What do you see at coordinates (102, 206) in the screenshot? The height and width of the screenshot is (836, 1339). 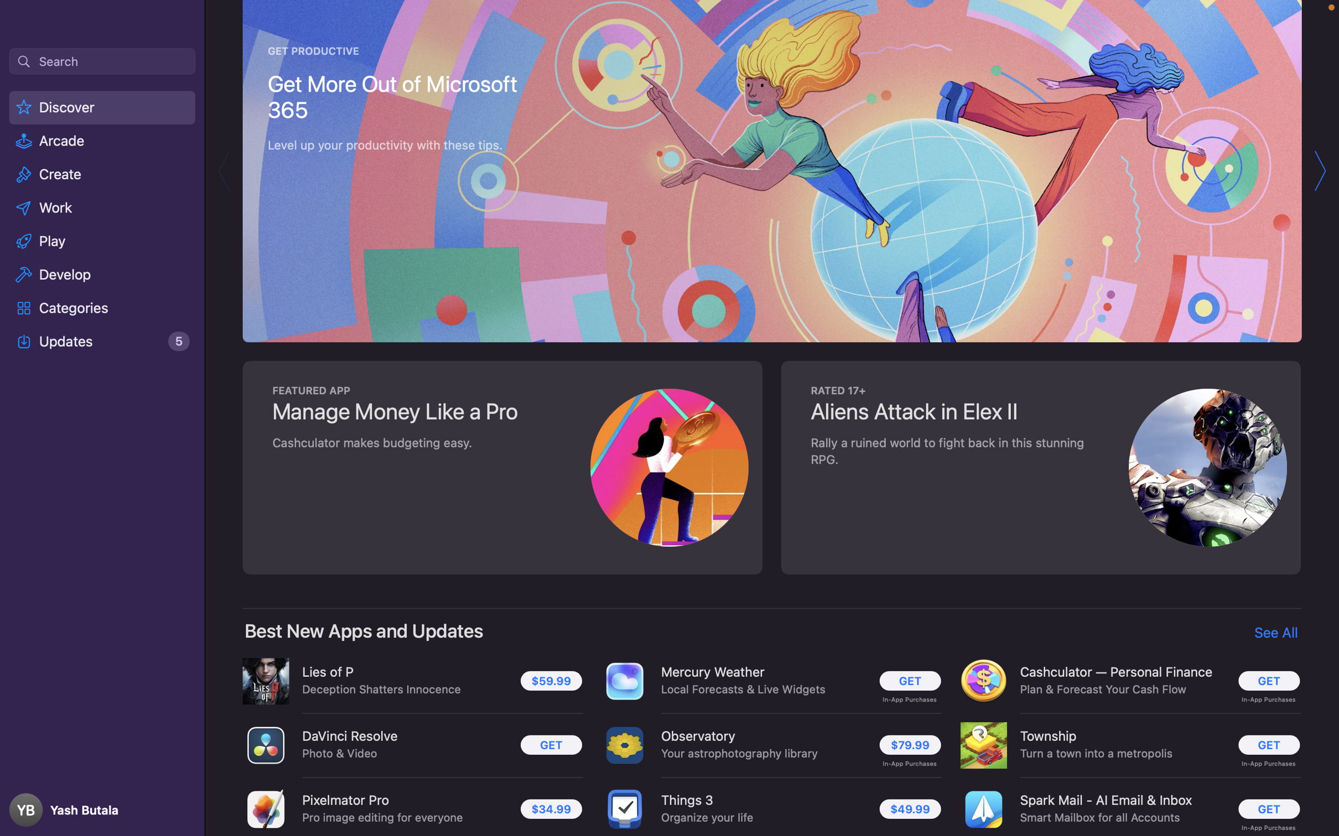 I see `the "Work" label` at bounding box center [102, 206].